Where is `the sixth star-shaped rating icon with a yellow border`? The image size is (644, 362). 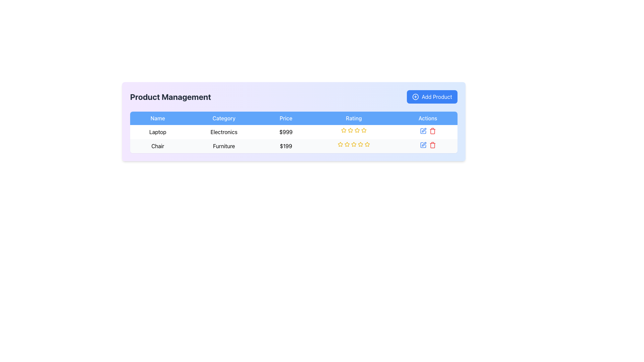
the sixth star-shaped rating icon with a yellow border is located at coordinates (363, 130).